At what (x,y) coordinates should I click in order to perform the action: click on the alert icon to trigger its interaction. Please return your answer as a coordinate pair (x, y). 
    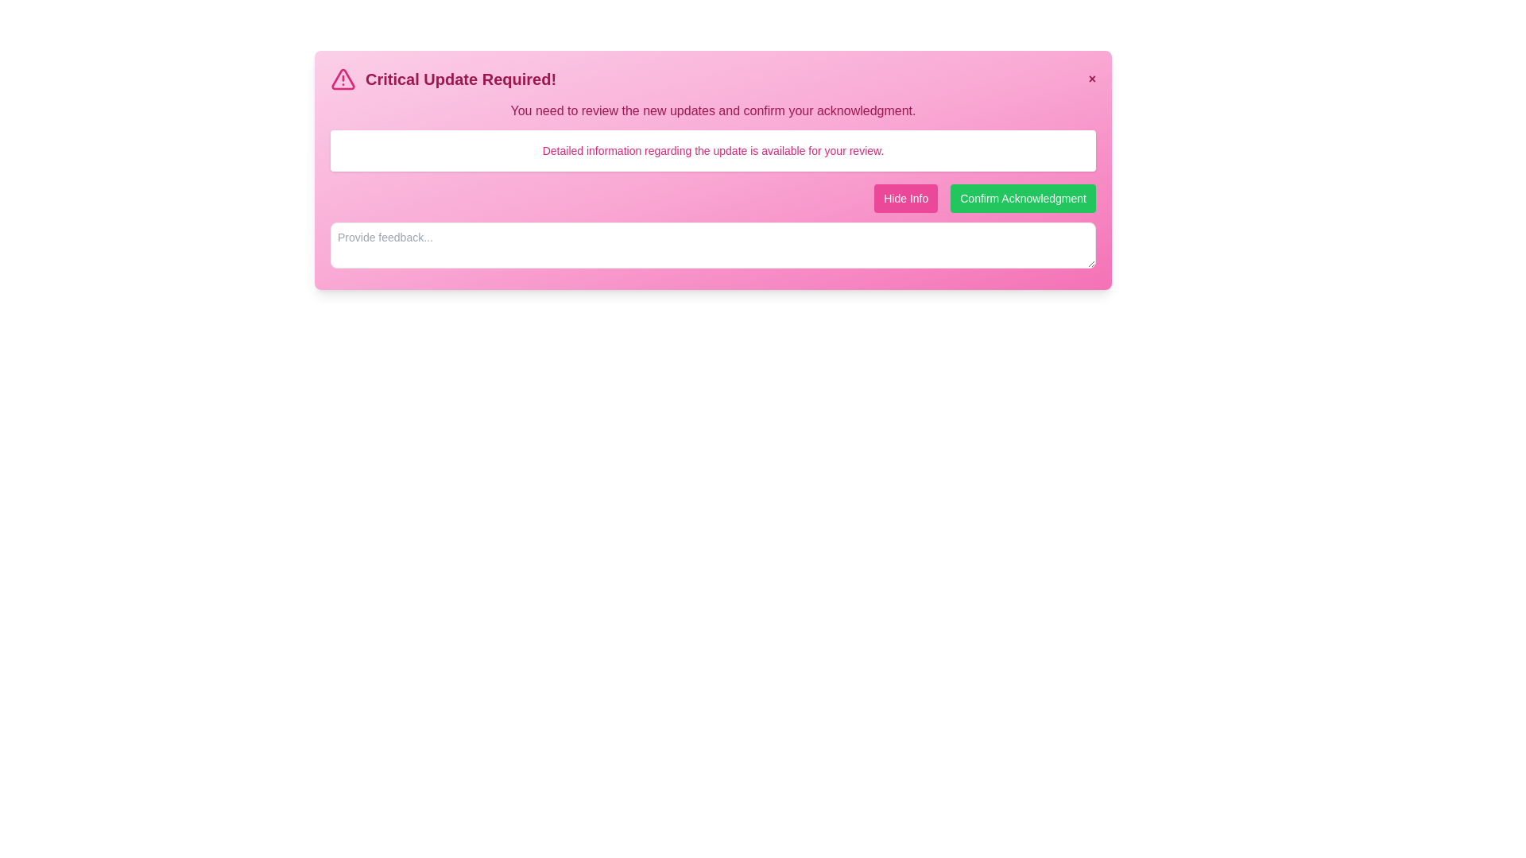
    Looking at the image, I should click on (343, 79).